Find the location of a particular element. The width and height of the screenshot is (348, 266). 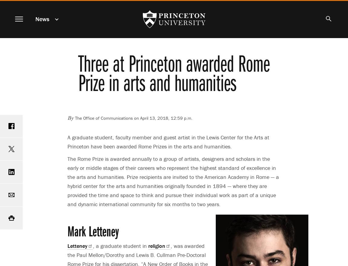

'religion' is located at coordinates (156, 245).